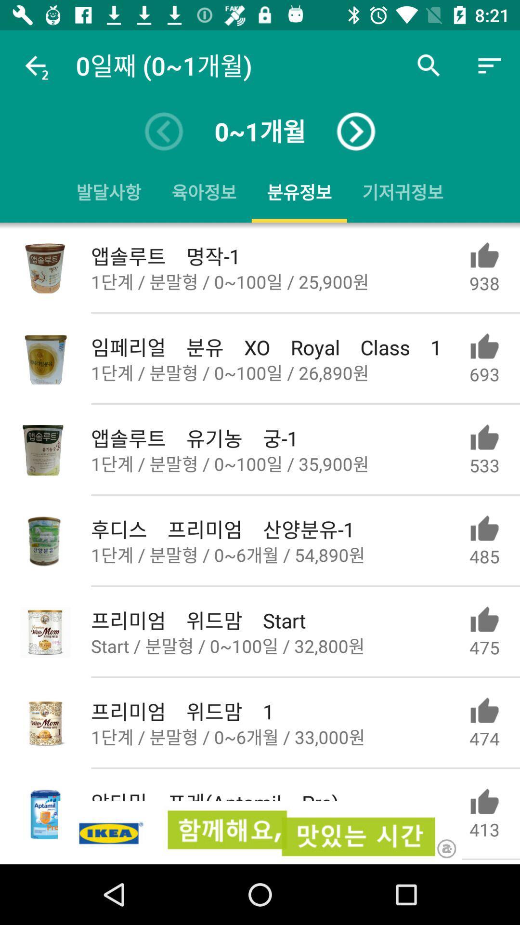 This screenshot has height=925, width=520. I want to click on the arrow_forward icon, so click(356, 131).